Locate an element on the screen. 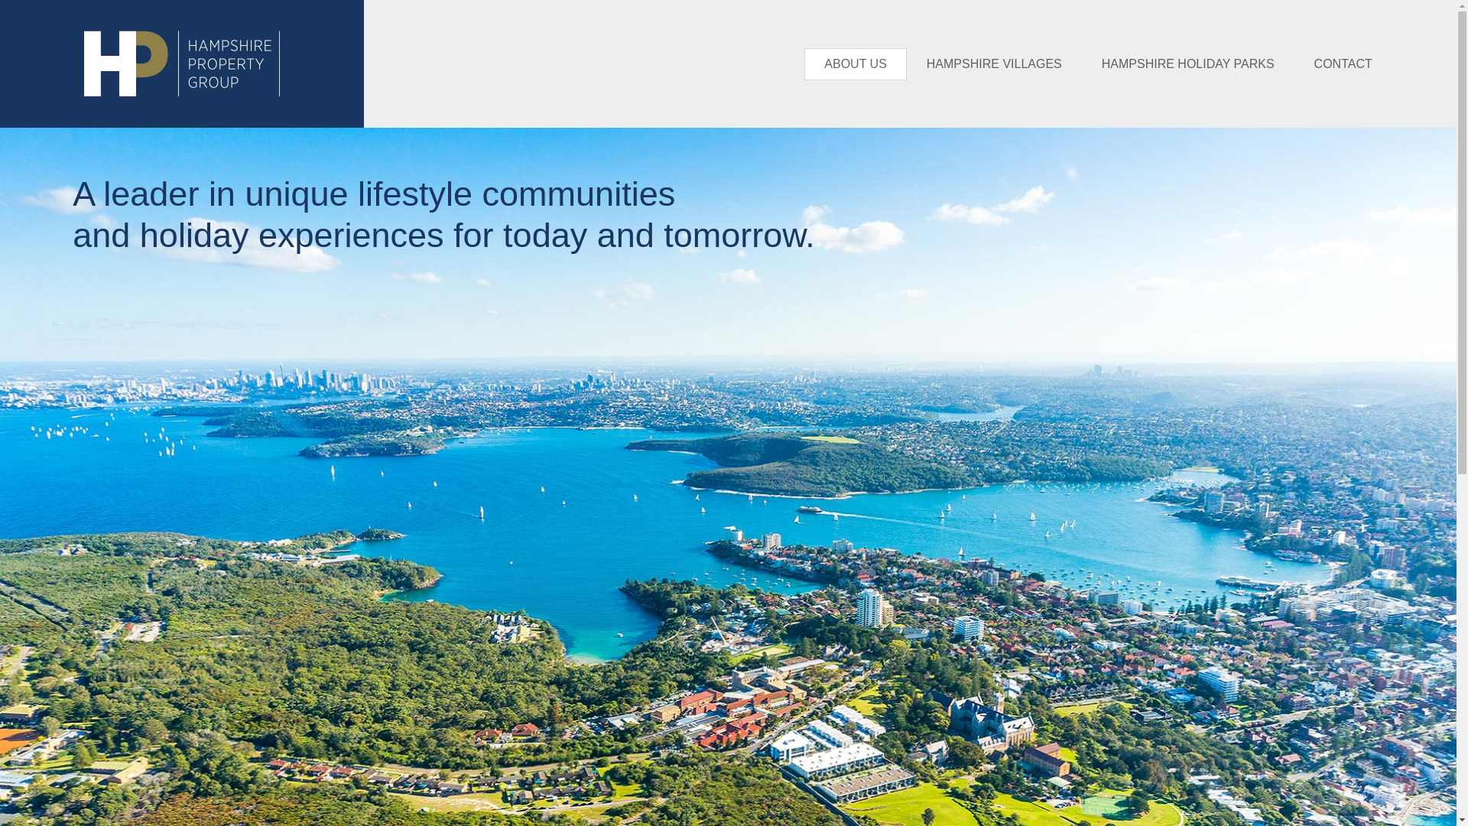  'HP LOGO' is located at coordinates (182, 63).